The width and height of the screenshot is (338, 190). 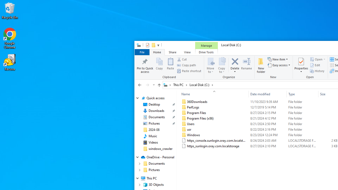 What do you see at coordinates (206, 45) in the screenshot?
I see `'Manage'` at bounding box center [206, 45].